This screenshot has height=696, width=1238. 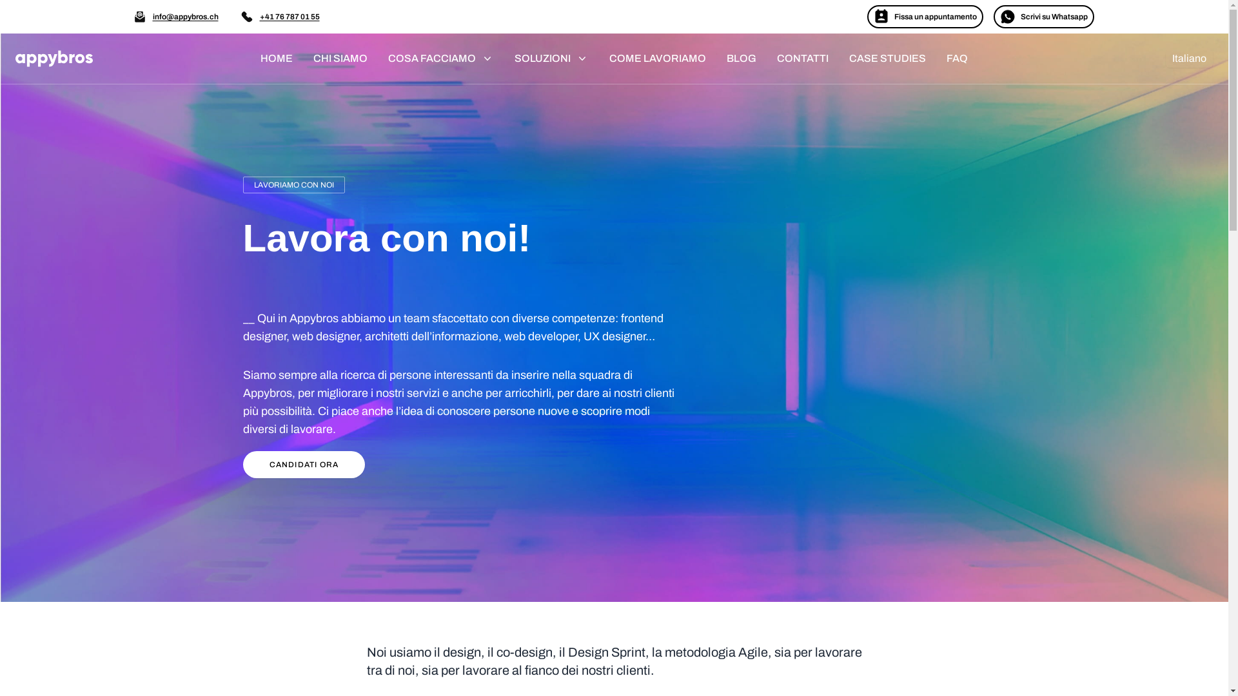 What do you see at coordinates (184, 17) in the screenshot?
I see `'info@appybros.ch'` at bounding box center [184, 17].